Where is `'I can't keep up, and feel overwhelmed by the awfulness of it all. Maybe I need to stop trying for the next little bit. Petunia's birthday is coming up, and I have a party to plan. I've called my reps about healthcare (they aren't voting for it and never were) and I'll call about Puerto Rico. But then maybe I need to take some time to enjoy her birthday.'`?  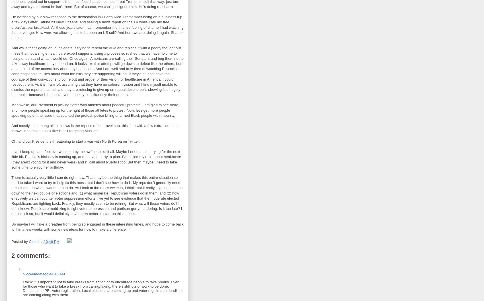
'I can't keep up, and feel overwhelmed by the awfulness of it all. Maybe I need to stop trying for the next little bit. Petunia's birthday is coming up, and I have a party to plan. I've called my reps about healthcare (they aren't voting for it and never were) and I'll call about Puerto Rico. But then maybe I need to take some time to enjoy her birthday.' is located at coordinates (96, 159).